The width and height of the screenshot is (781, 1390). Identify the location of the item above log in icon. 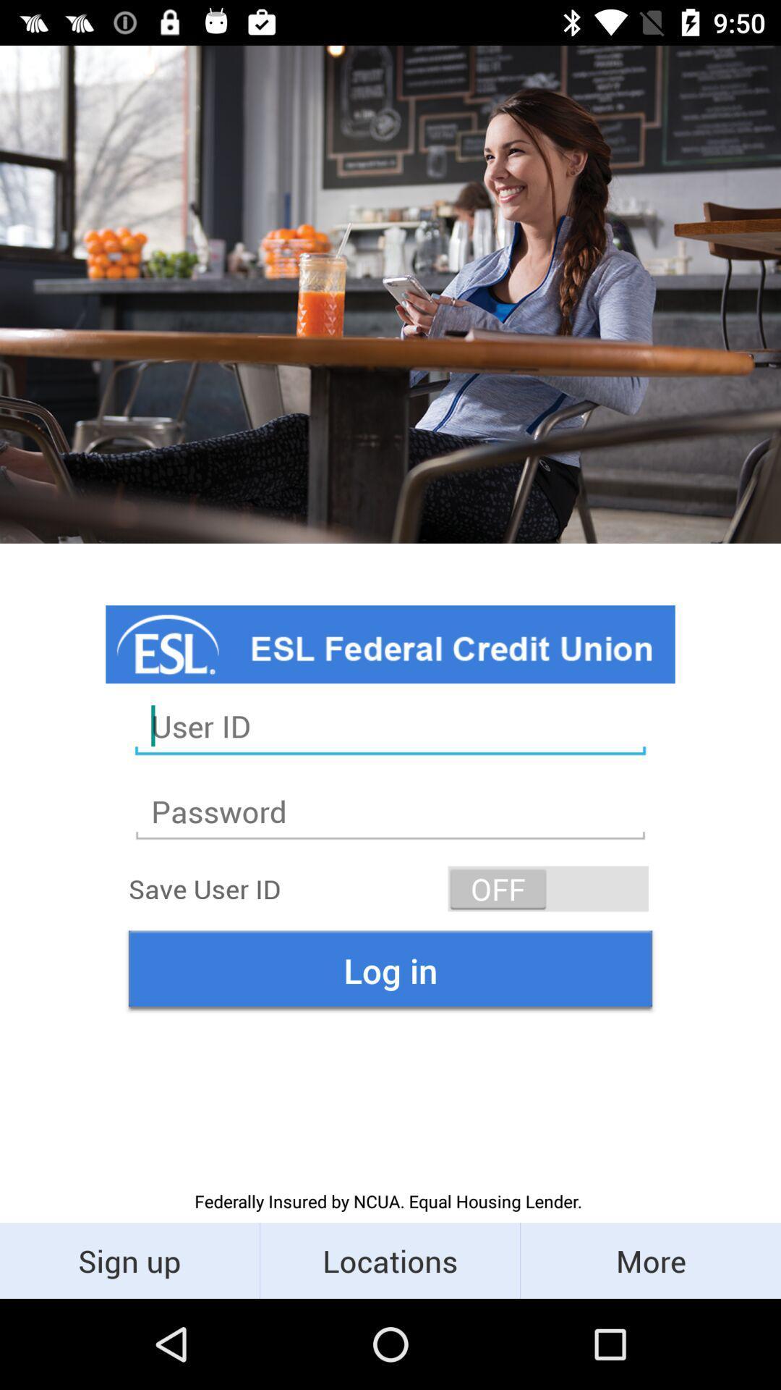
(548, 888).